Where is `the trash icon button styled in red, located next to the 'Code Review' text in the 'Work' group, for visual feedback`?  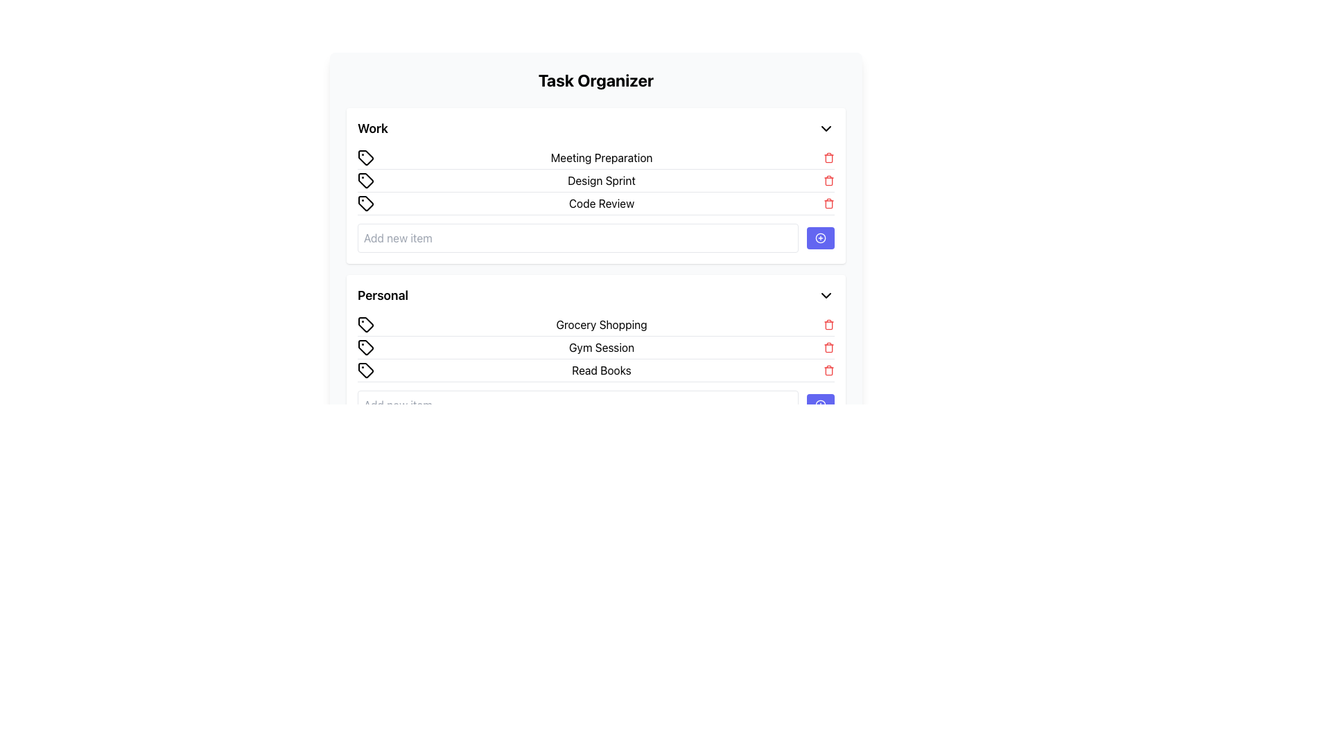 the trash icon button styled in red, located next to the 'Code Review' text in the 'Work' group, for visual feedback is located at coordinates (828, 203).